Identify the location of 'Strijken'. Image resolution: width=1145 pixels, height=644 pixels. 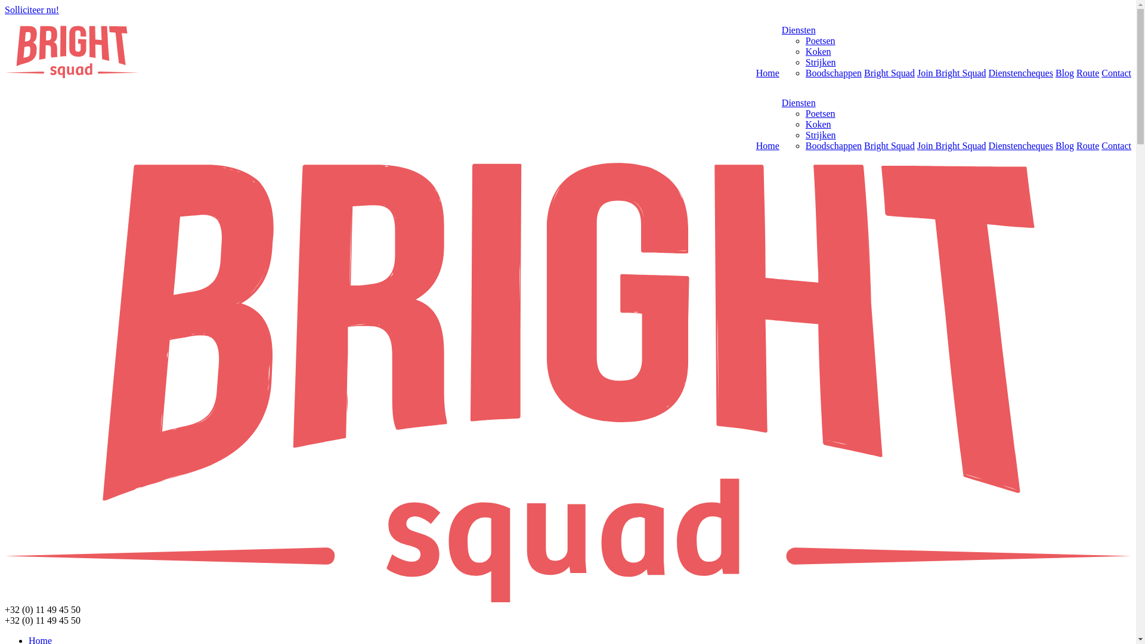
(820, 134).